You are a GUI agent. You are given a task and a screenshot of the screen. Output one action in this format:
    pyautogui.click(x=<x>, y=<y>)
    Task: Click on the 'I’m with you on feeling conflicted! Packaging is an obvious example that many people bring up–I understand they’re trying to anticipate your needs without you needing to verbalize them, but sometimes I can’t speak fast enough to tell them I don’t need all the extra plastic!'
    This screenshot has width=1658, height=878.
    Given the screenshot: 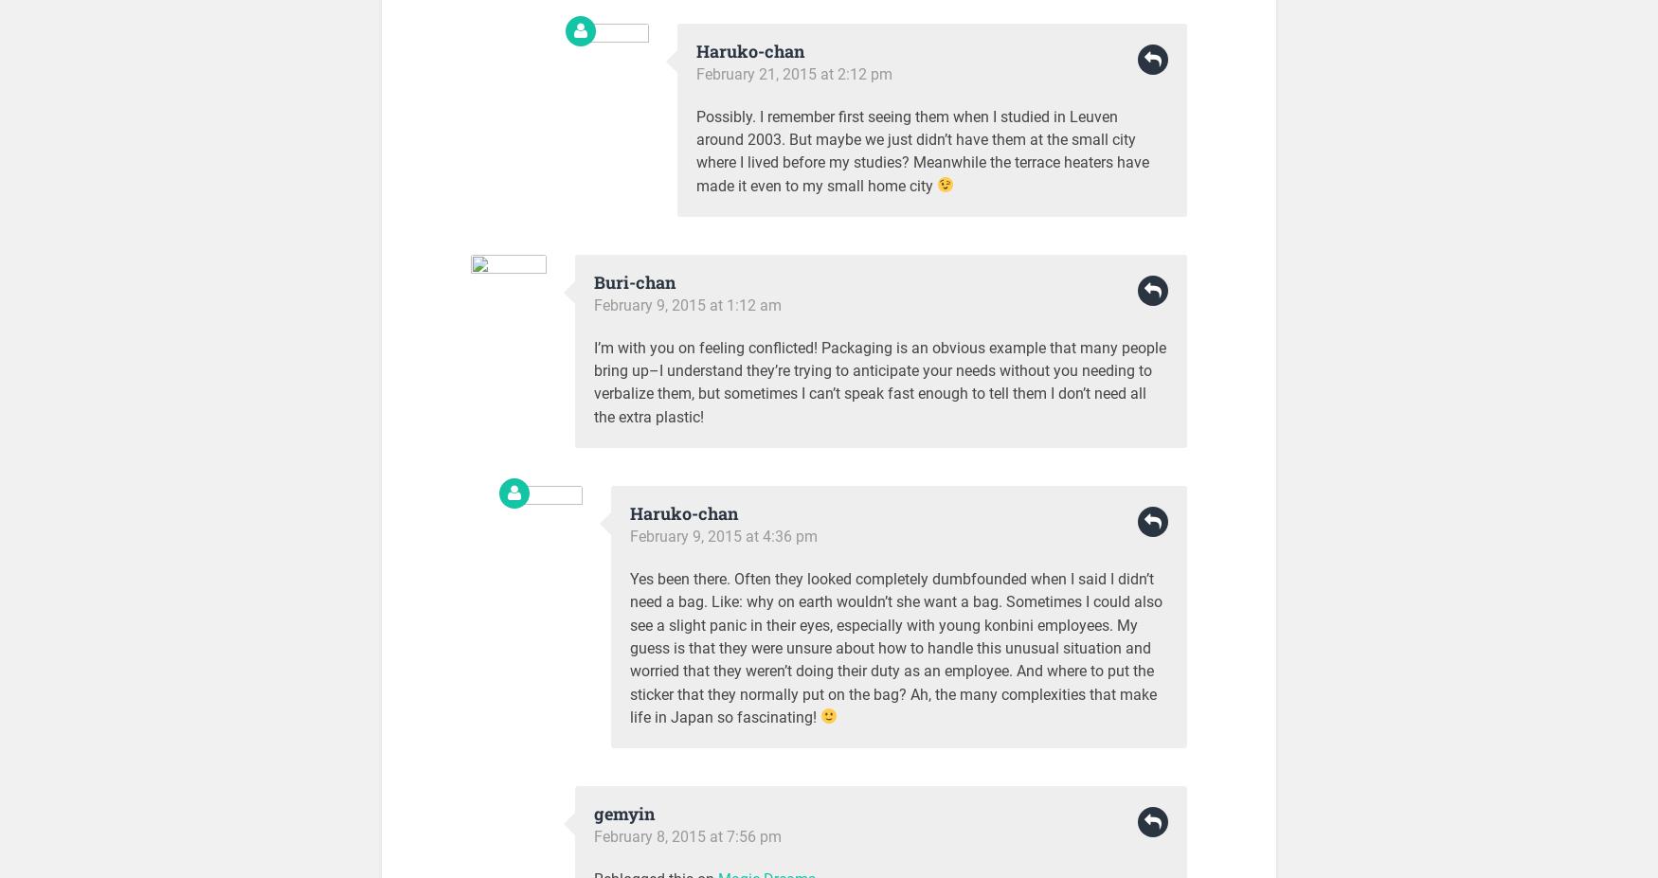 What is the action you would take?
    pyautogui.click(x=593, y=380)
    